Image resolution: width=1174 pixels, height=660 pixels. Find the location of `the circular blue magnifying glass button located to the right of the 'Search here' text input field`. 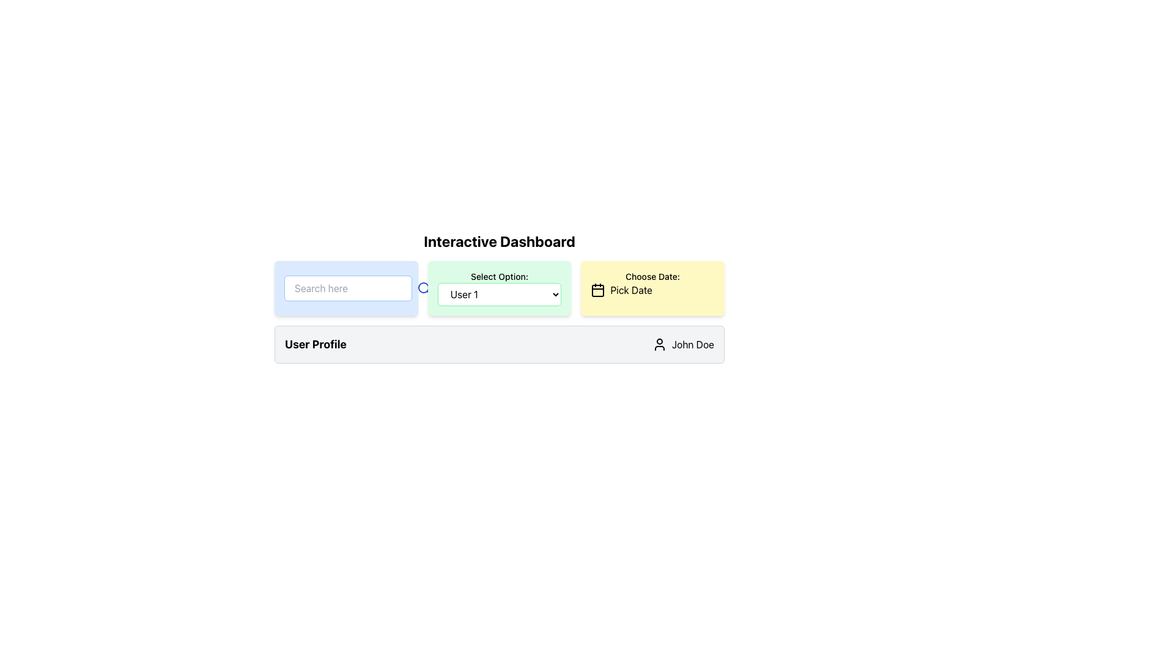

the circular blue magnifying glass button located to the right of the 'Search here' text input field is located at coordinates (424, 288).